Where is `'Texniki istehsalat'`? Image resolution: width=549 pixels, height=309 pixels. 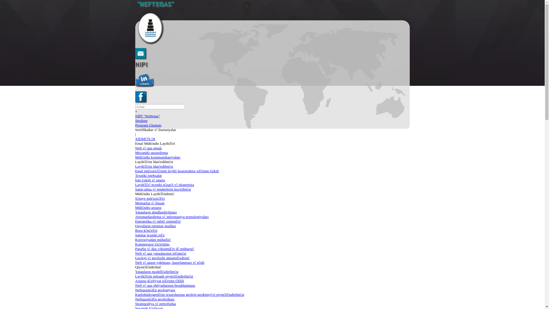
'Texniki istehsalat' is located at coordinates (134, 175).